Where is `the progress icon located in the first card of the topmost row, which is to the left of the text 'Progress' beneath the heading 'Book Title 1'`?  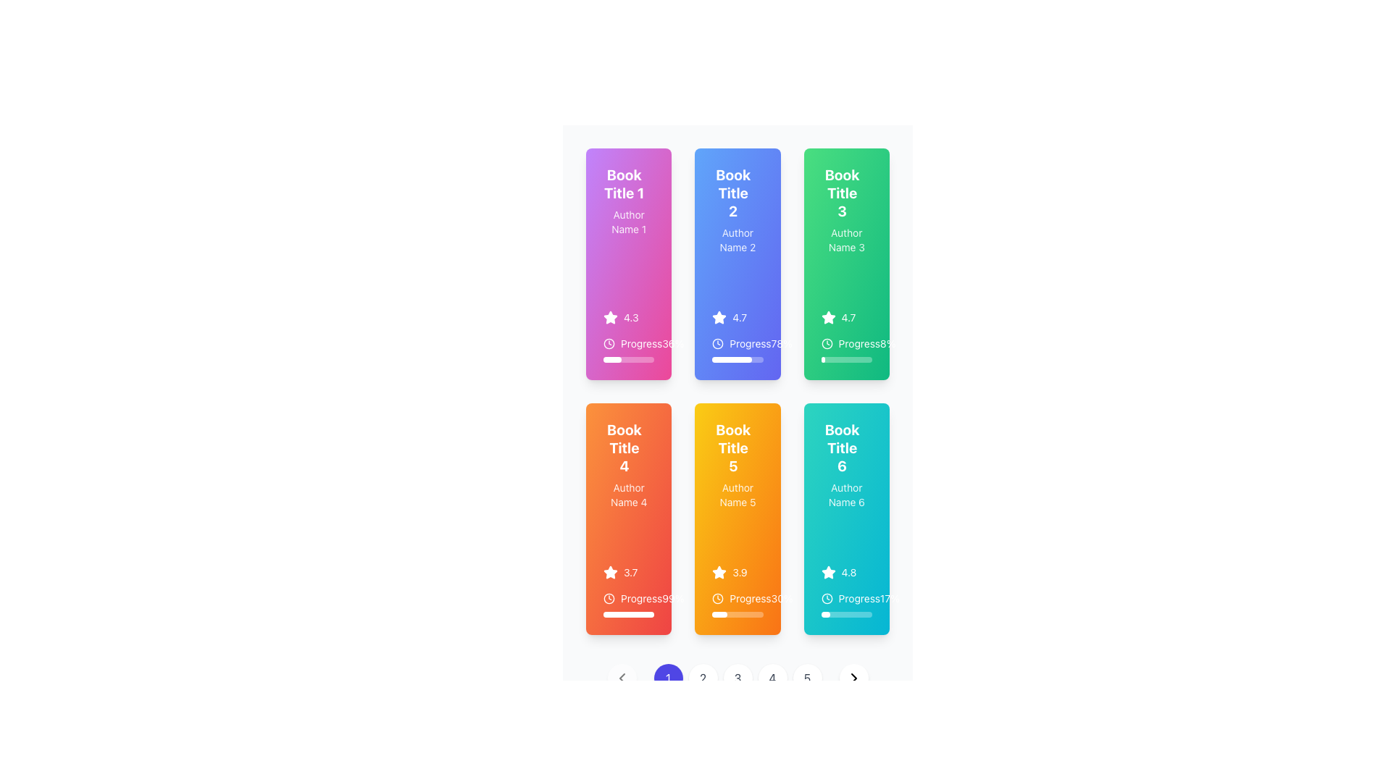 the progress icon located in the first card of the topmost row, which is to the left of the text 'Progress' beneath the heading 'Book Title 1' is located at coordinates (609, 343).